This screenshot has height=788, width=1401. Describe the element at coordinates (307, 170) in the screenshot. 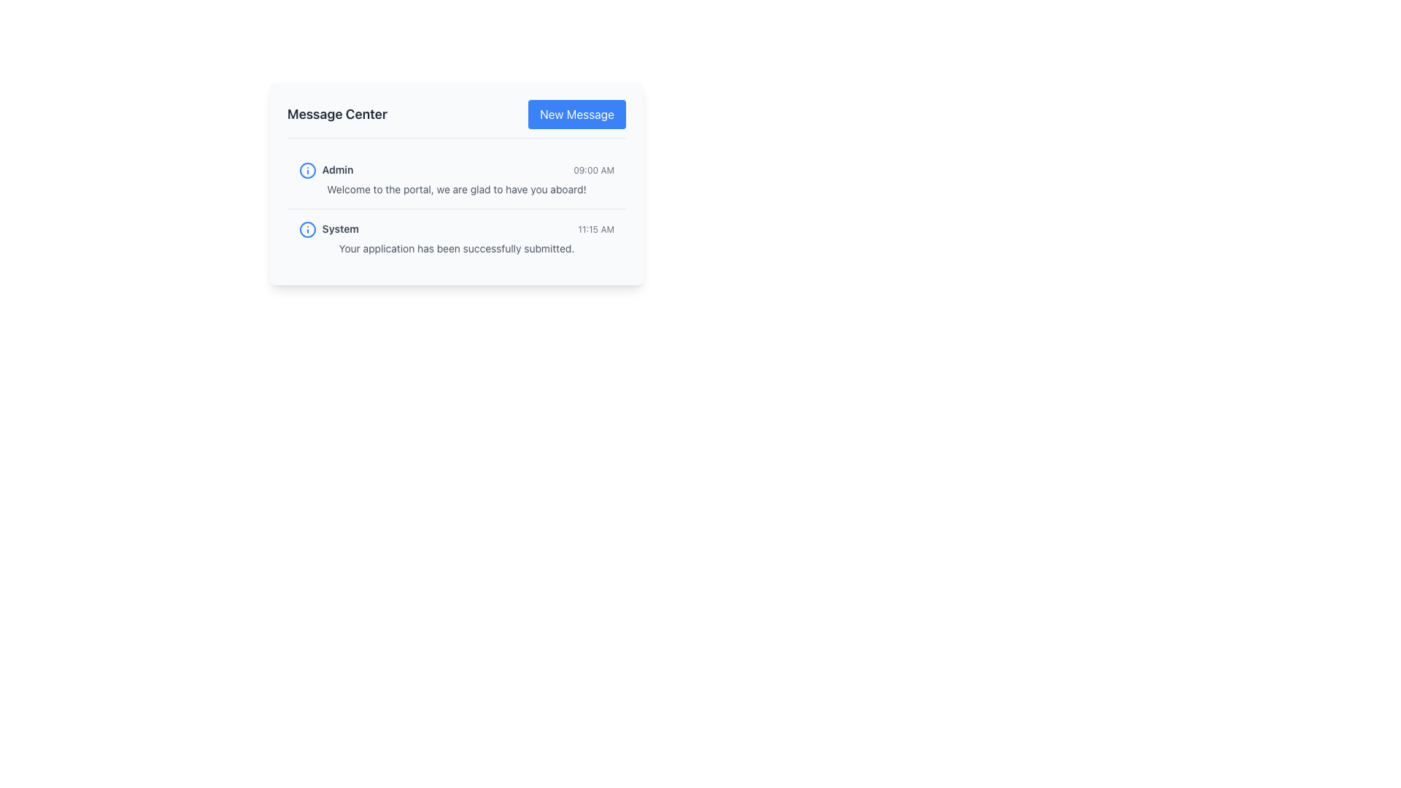

I see `the small circular SVG icon with a blue border and a white fill located in the second row of the message center, directly preceding the 'System' label` at that location.